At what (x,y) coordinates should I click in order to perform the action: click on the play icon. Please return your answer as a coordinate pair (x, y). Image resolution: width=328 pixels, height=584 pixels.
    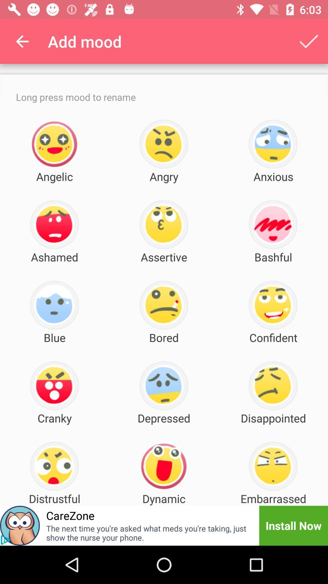
    Looking at the image, I should click on (5, 540).